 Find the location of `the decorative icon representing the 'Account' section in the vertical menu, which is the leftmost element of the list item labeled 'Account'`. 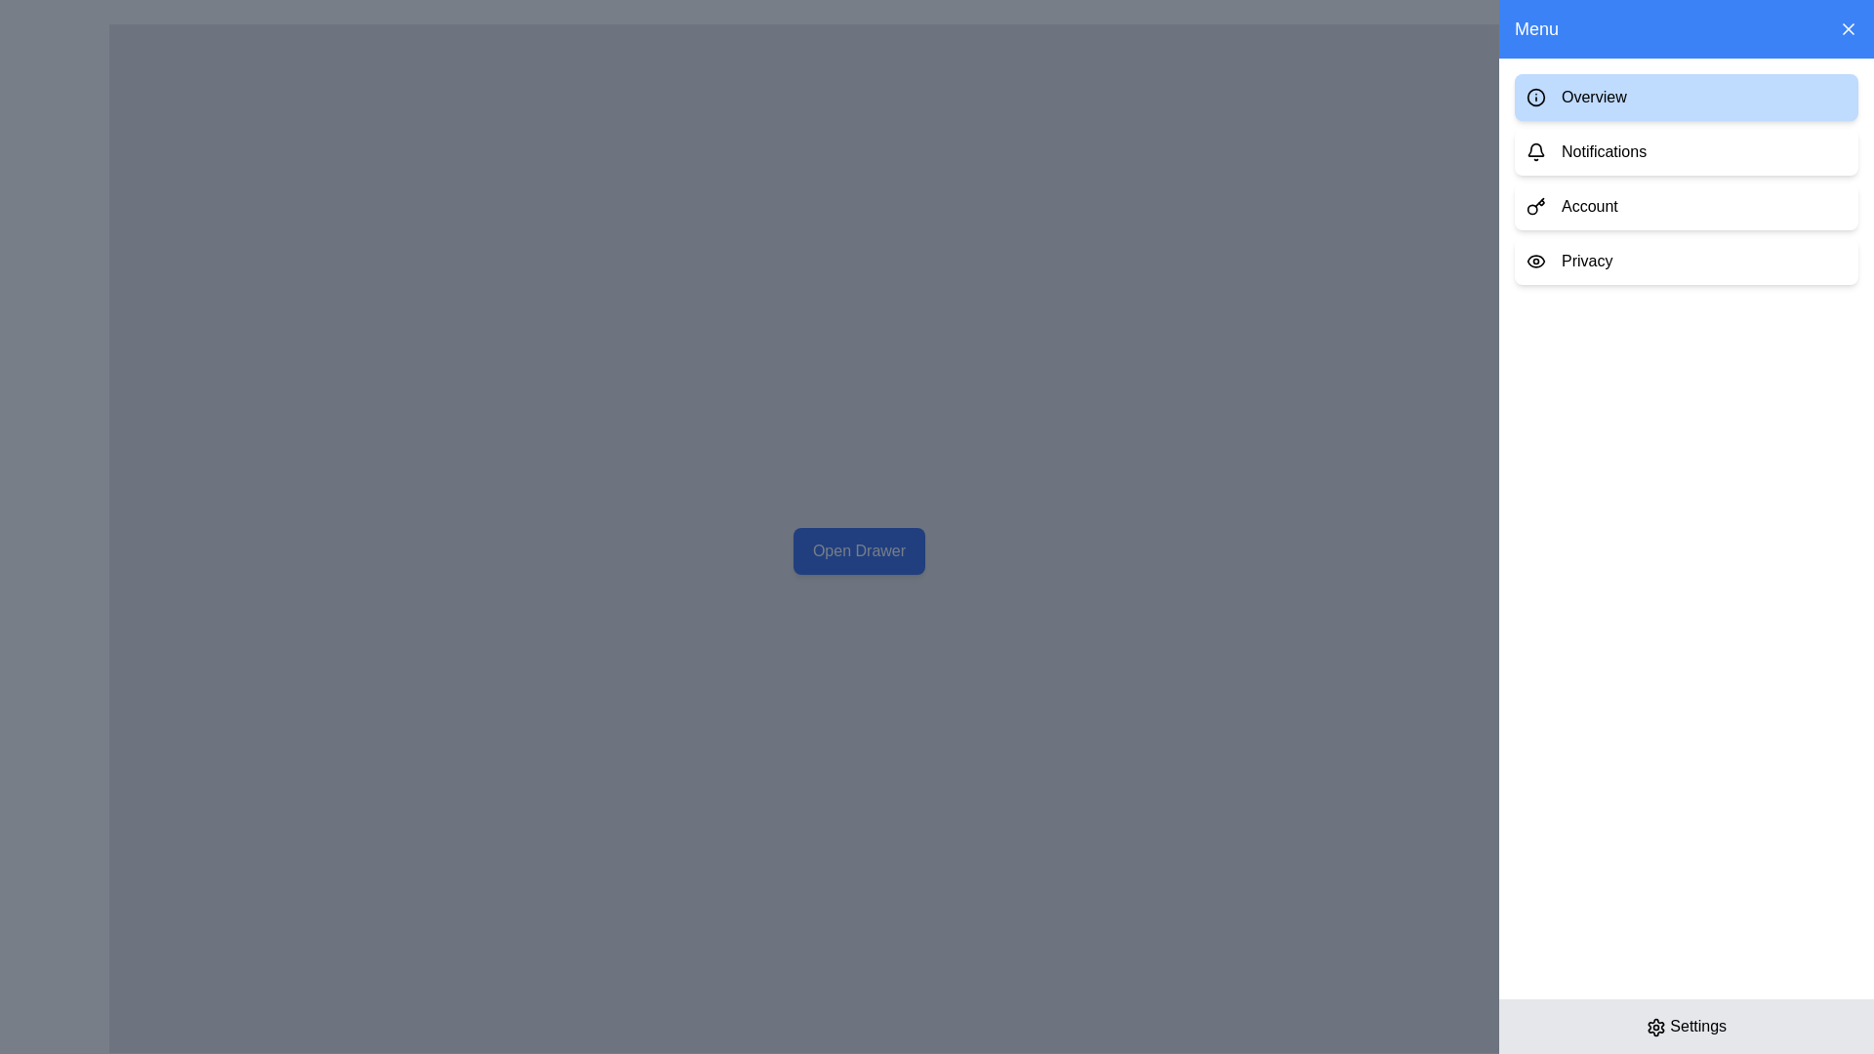

the decorative icon representing the 'Account' section in the vertical menu, which is the leftmost element of the list item labeled 'Account' is located at coordinates (1535, 207).